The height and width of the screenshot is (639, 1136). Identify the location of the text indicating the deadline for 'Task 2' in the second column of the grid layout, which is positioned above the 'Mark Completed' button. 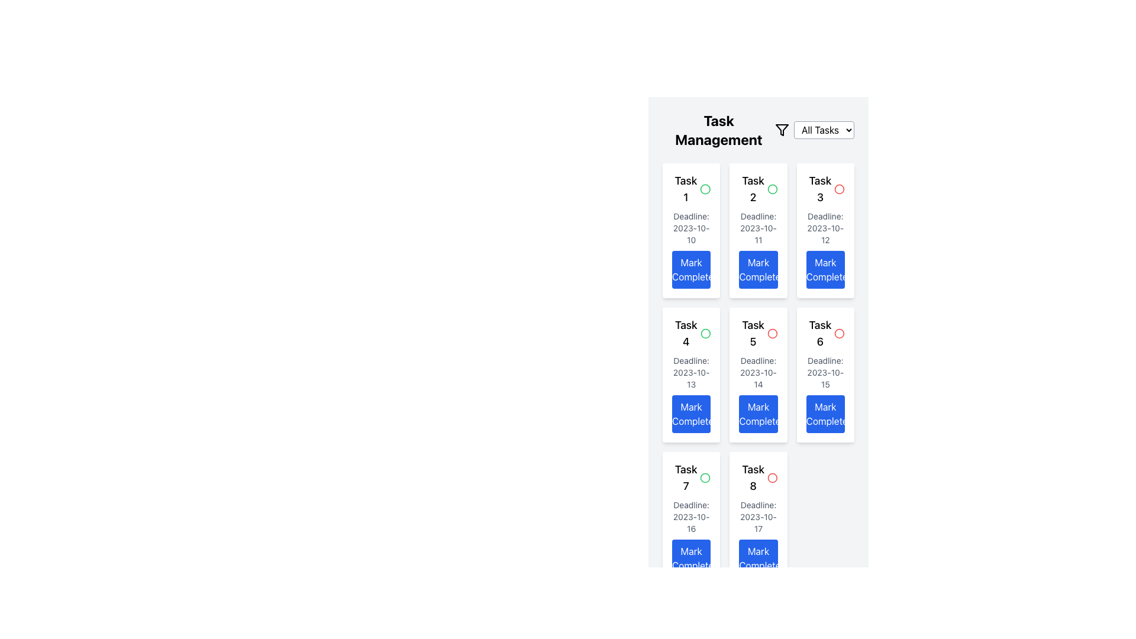
(758, 228).